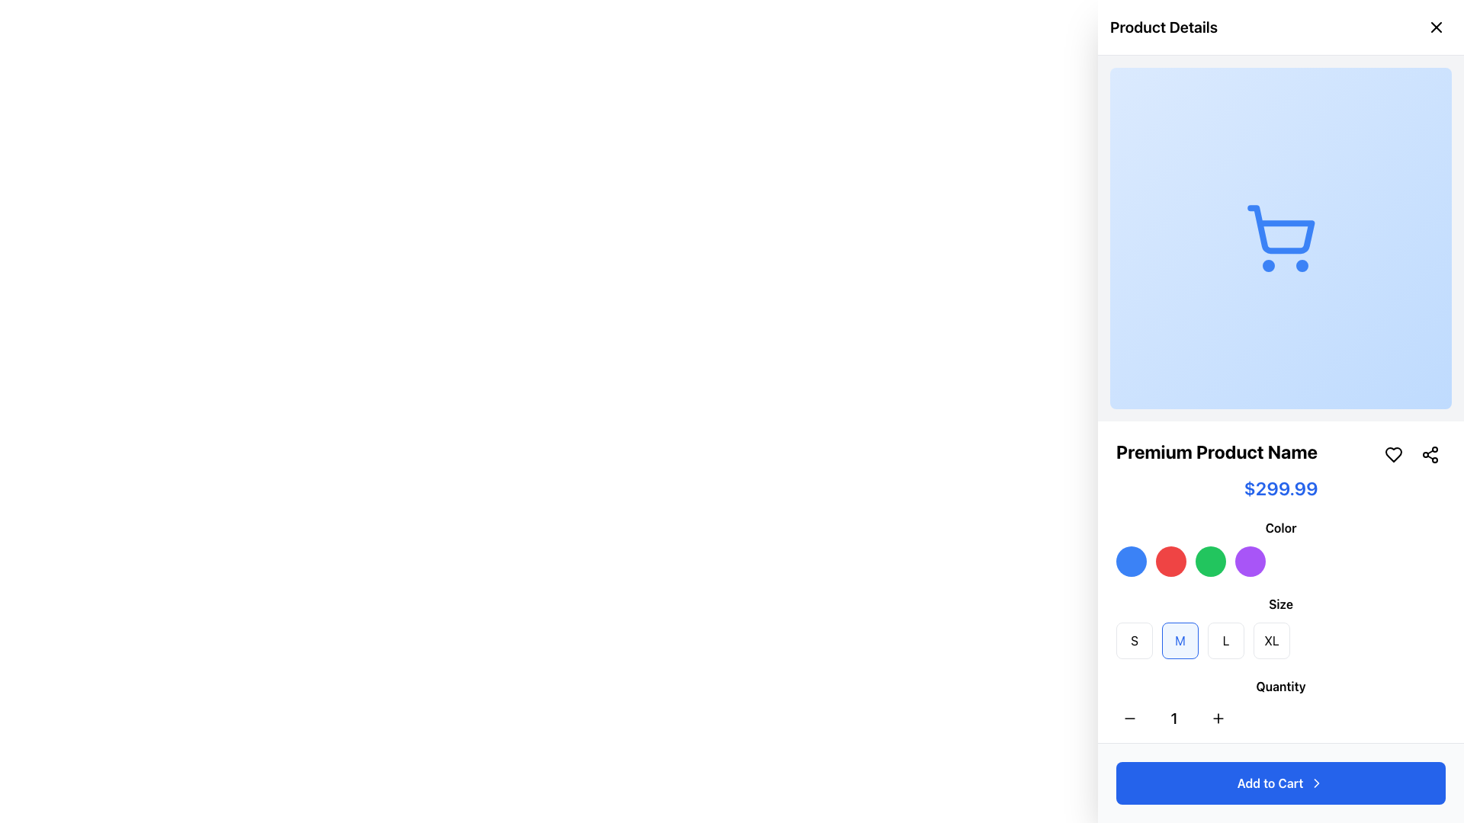 Image resolution: width=1464 pixels, height=823 pixels. Describe the element at coordinates (1281, 229) in the screenshot. I see `the shopping cart icon with a blue outline, located in the top portion of the product details section` at that location.